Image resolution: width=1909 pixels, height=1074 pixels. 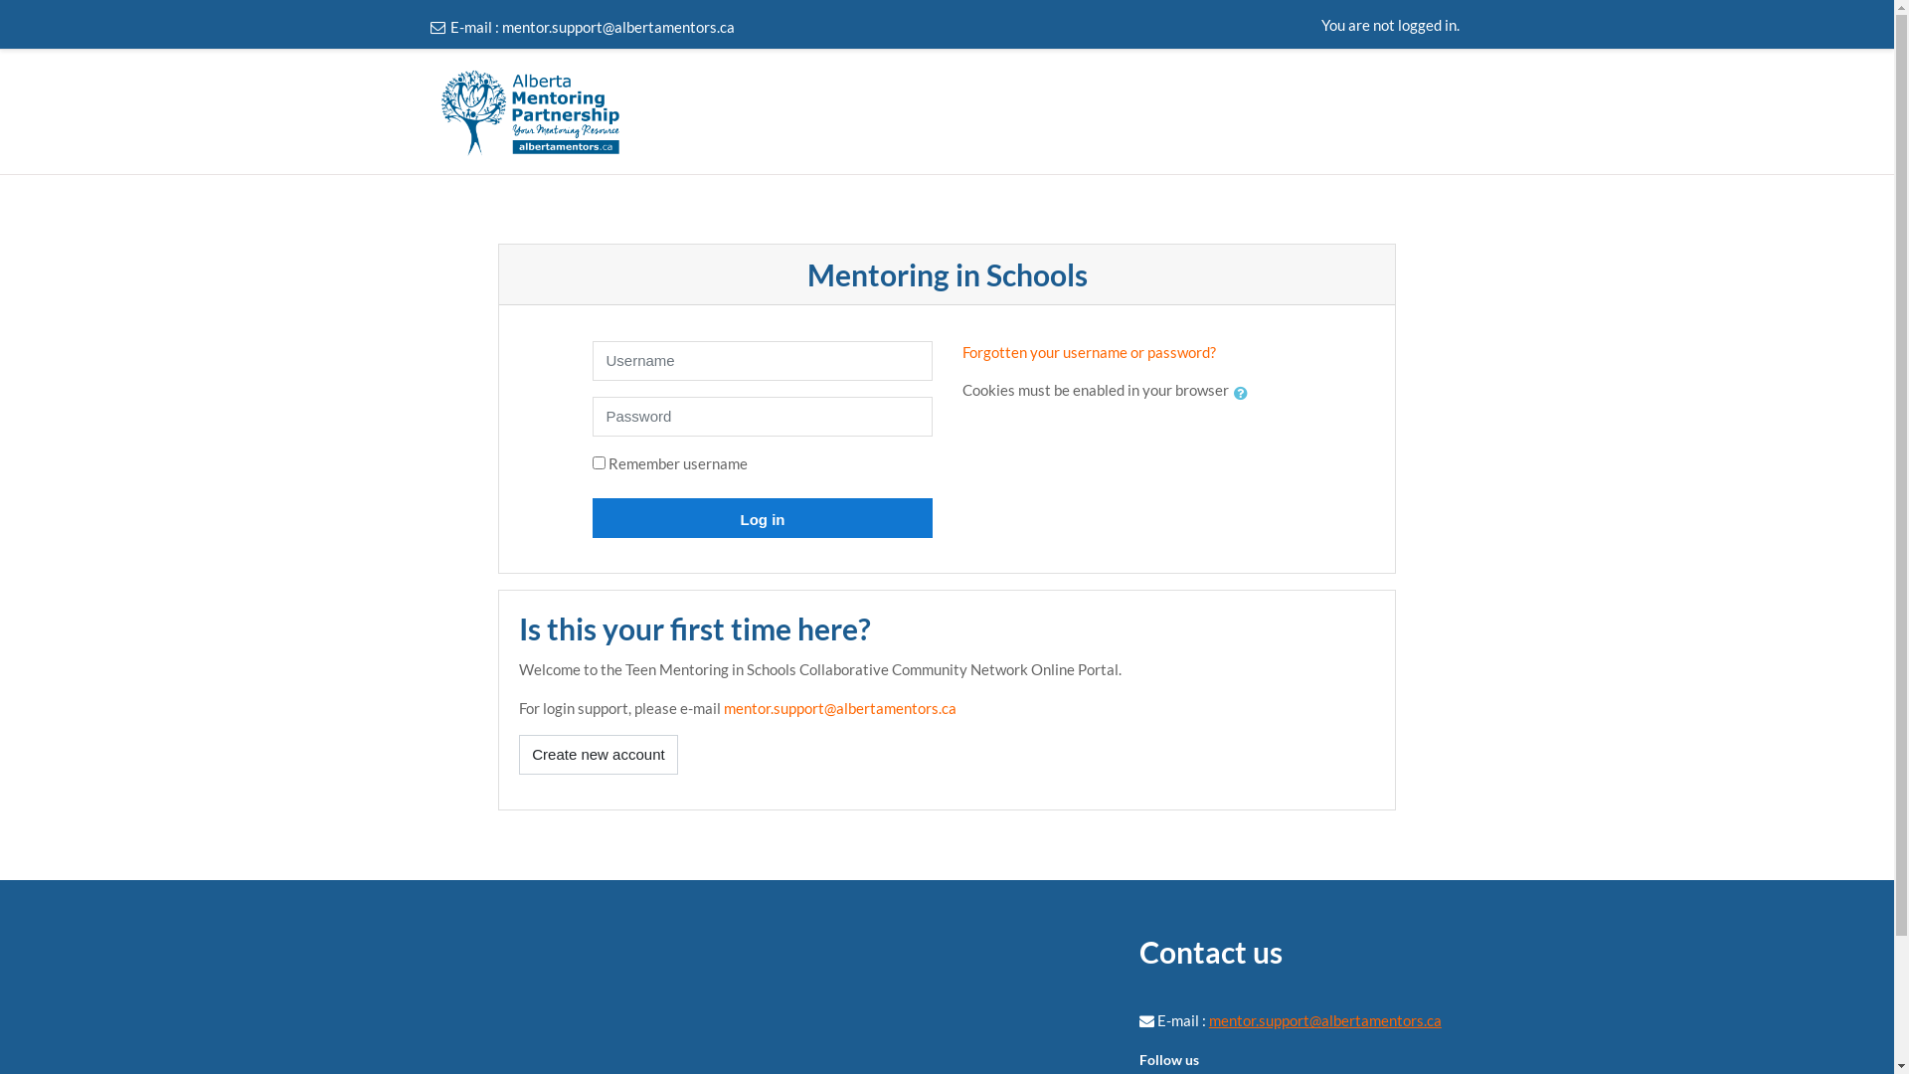 What do you see at coordinates (1325, 1020) in the screenshot?
I see `'mentor.support@albertamentors.ca'` at bounding box center [1325, 1020].